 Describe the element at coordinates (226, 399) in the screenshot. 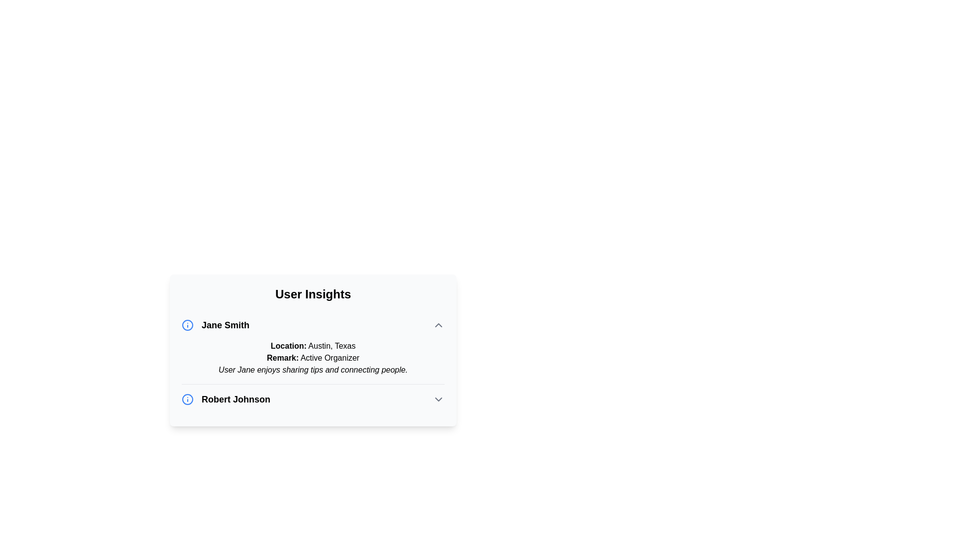

I see `the text label representing 'Robert Johnson', located in the lower part of the 'User Insights' card, below 'Jane Smith', next to a blue information icon` at that location.